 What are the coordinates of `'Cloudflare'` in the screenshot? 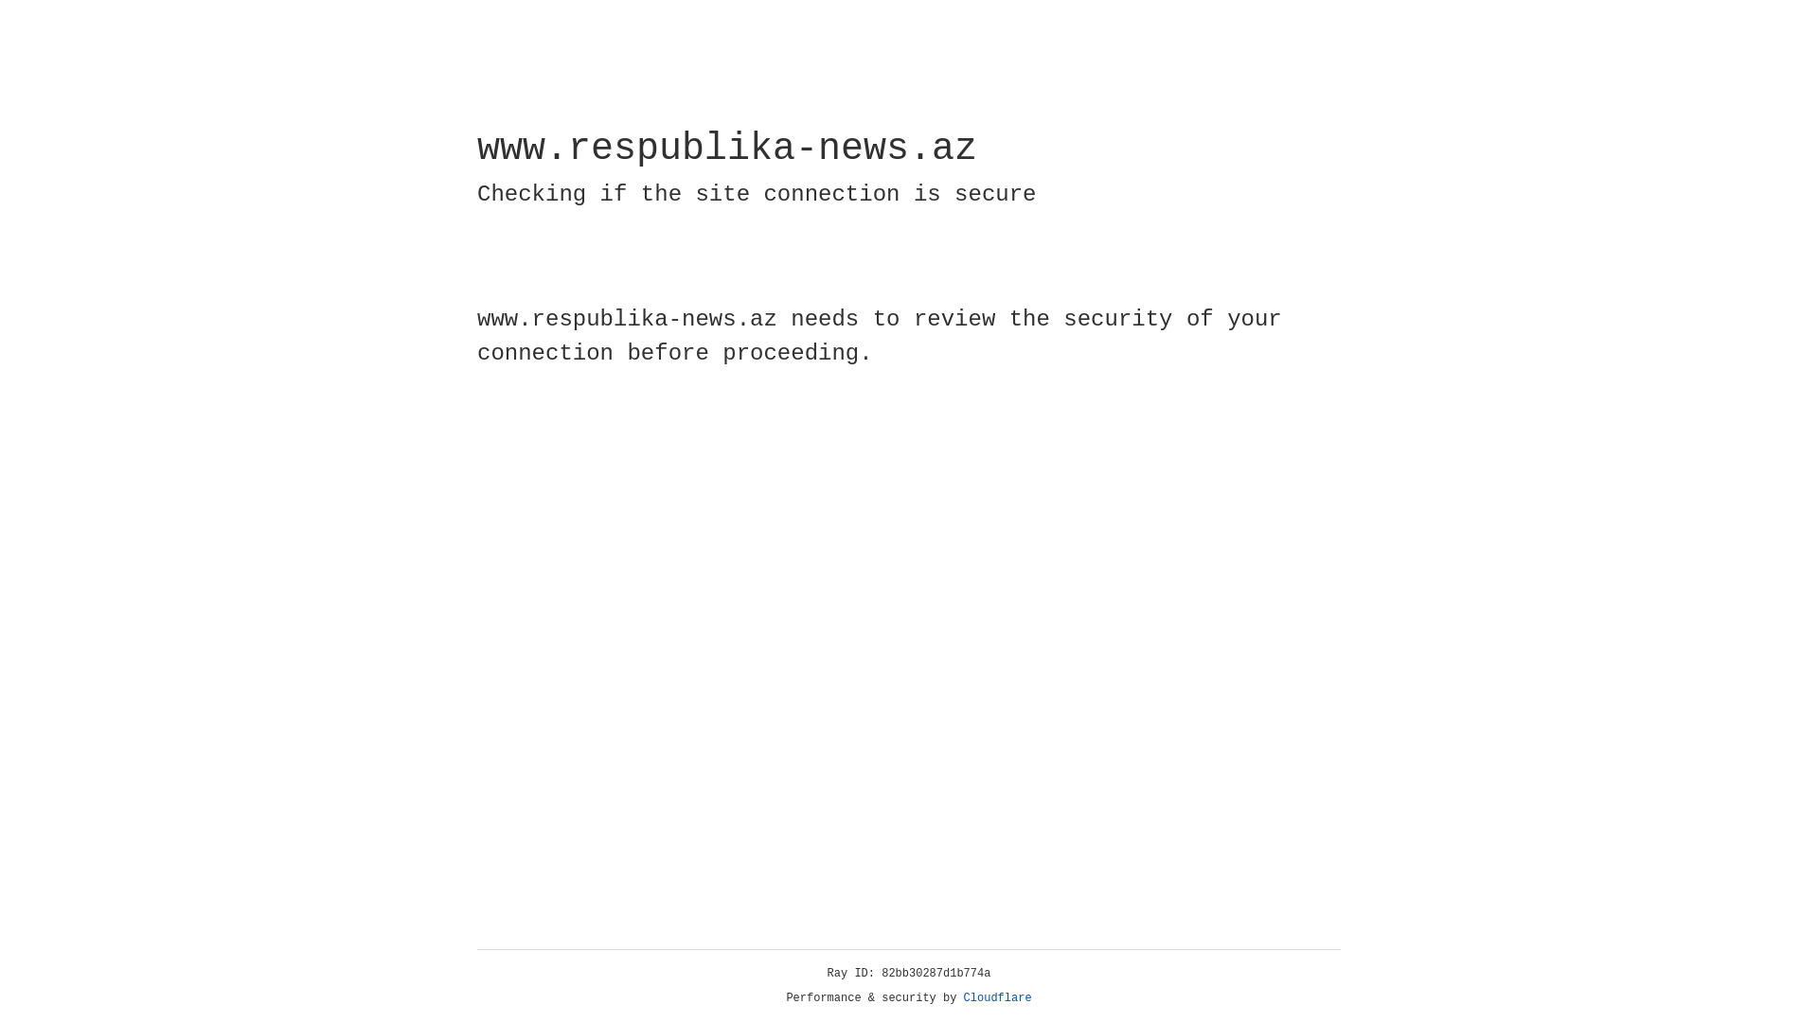 It's located at (997, 997).